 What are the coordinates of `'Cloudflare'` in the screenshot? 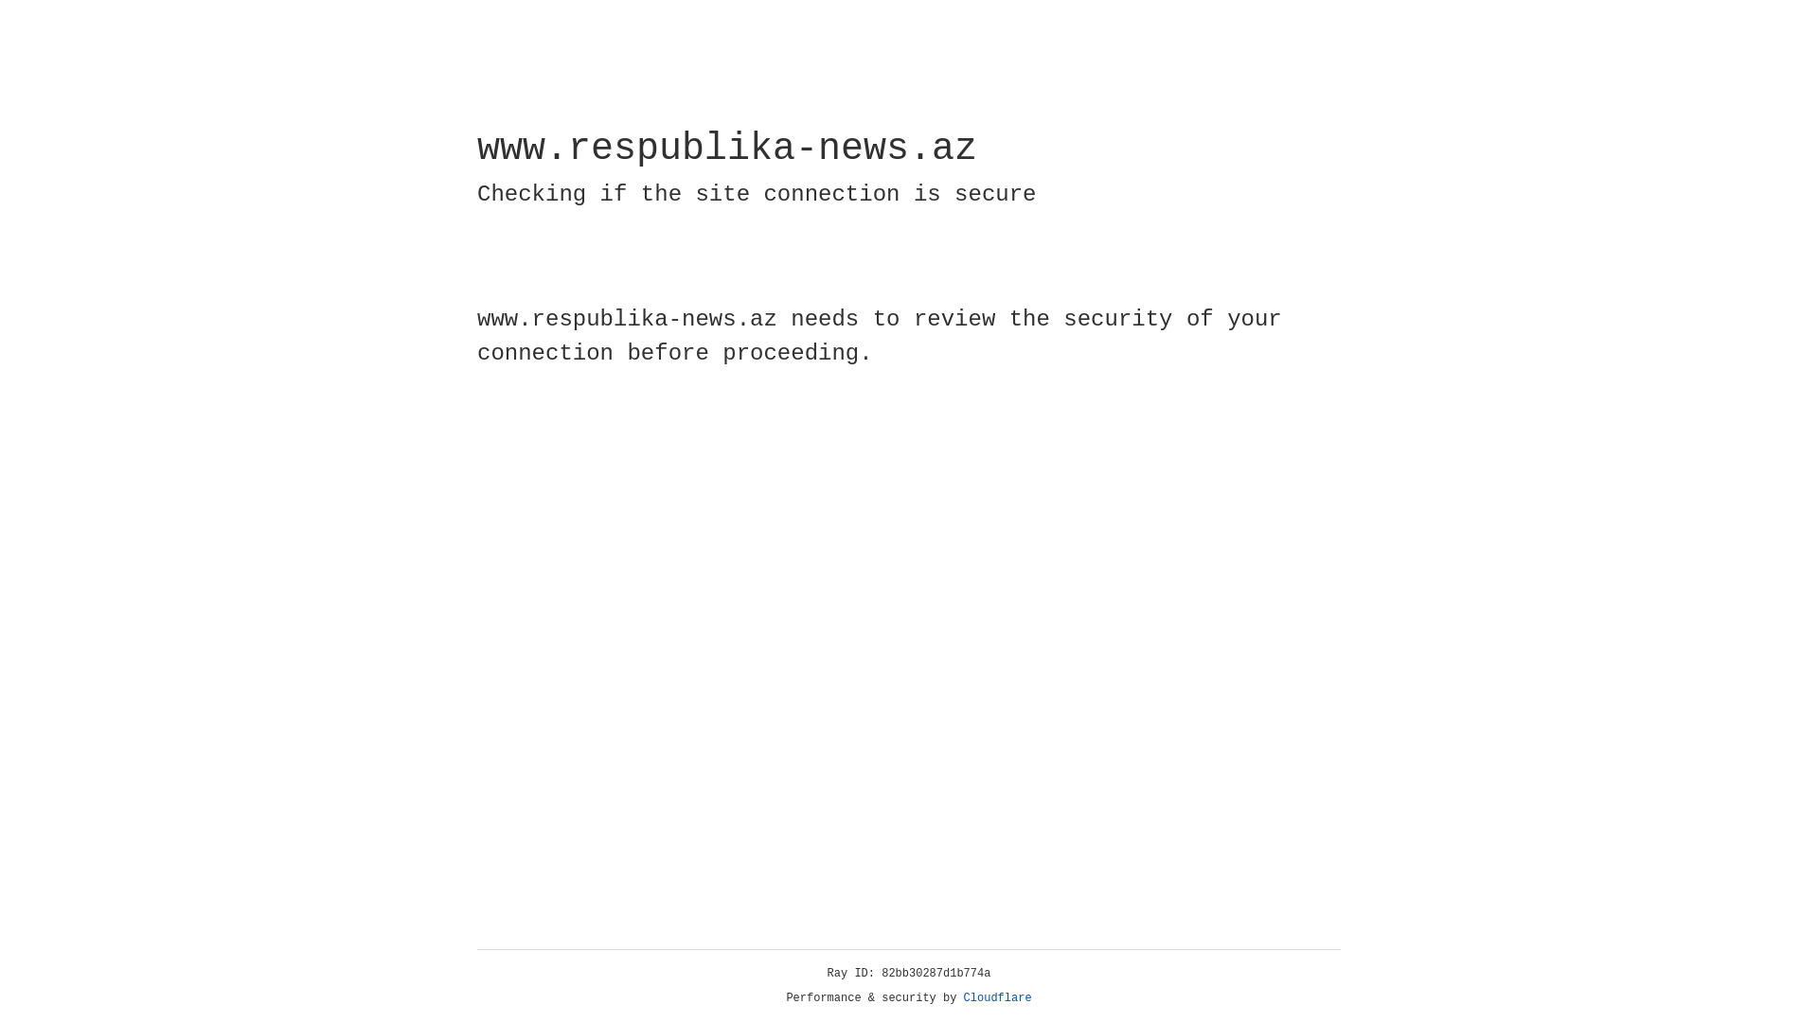 It's located at (997, 997).